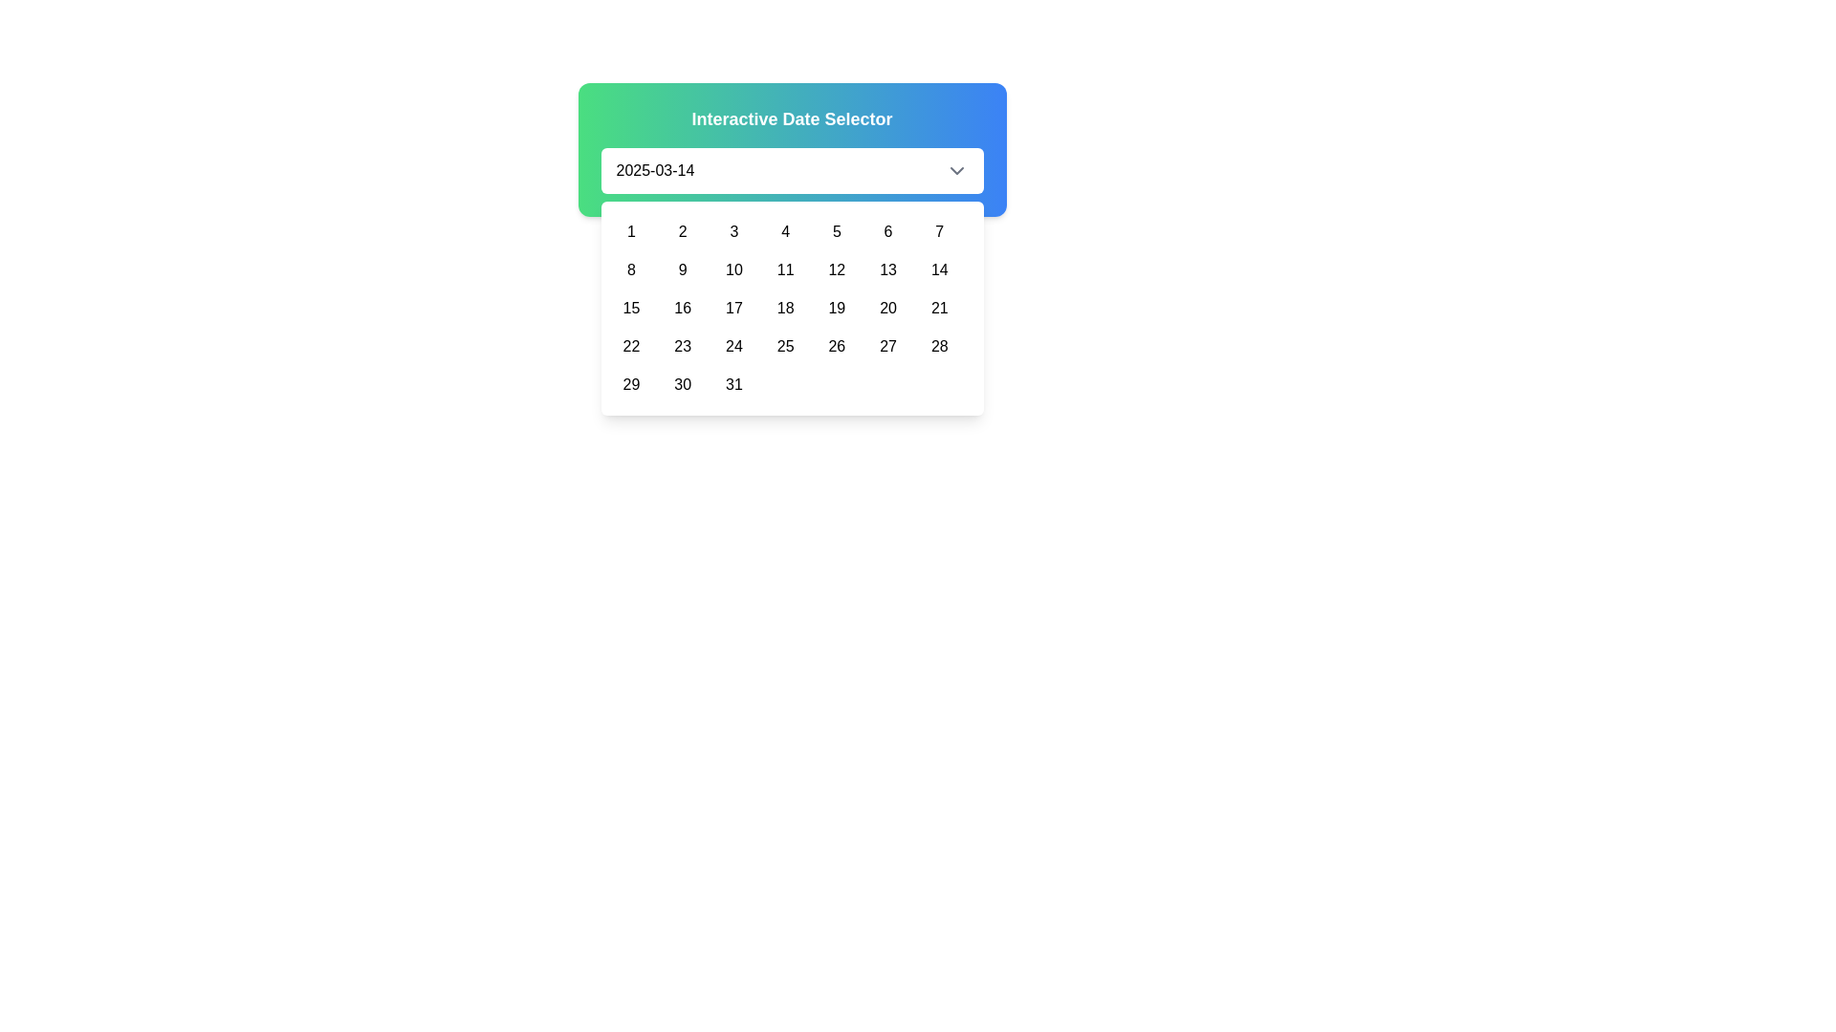 This screenshot has height=1032, width=1836. Describe the element at coordinates (887, 269) in the screenshot. I see `the calendar button displaying '13'` at that location.